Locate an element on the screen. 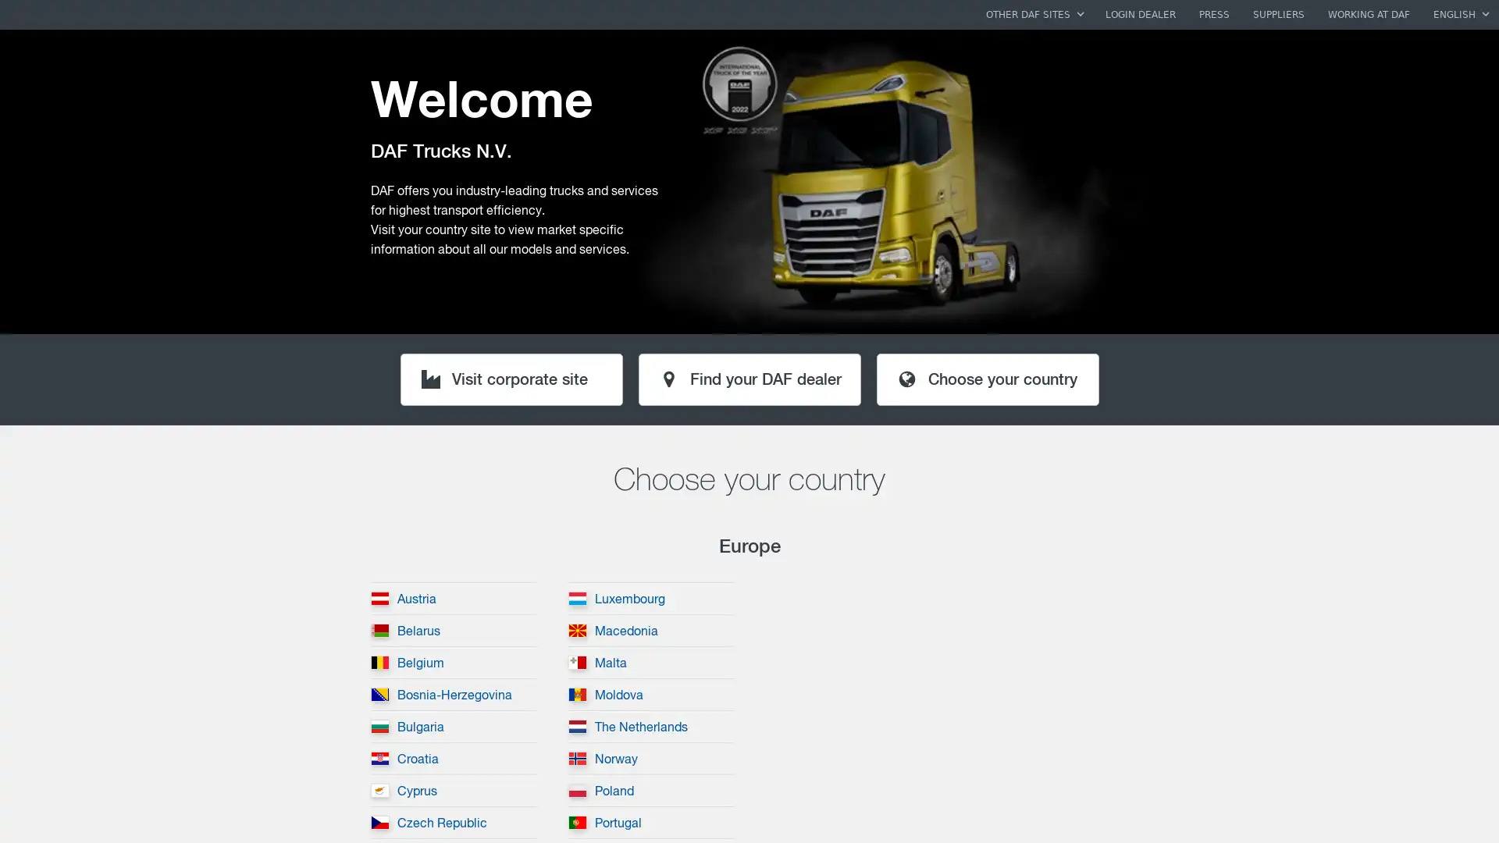  Find your DAF dealer is located at coordinates (748, 379).